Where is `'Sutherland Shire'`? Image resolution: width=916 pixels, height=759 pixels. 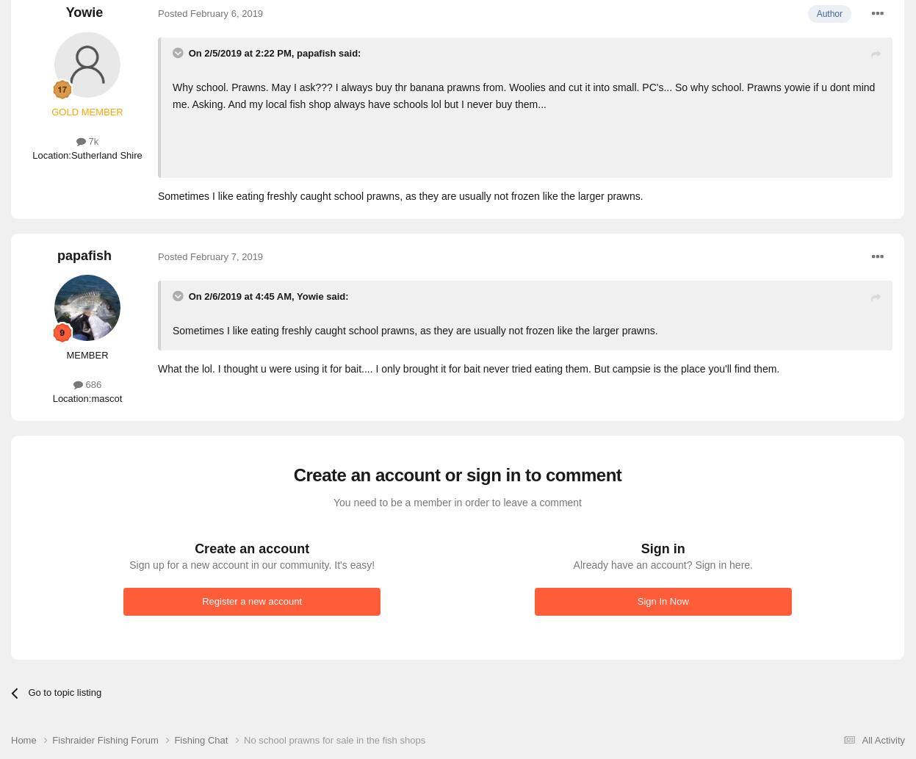
'Sutherland Shire' is located at coordinates (71, 154).